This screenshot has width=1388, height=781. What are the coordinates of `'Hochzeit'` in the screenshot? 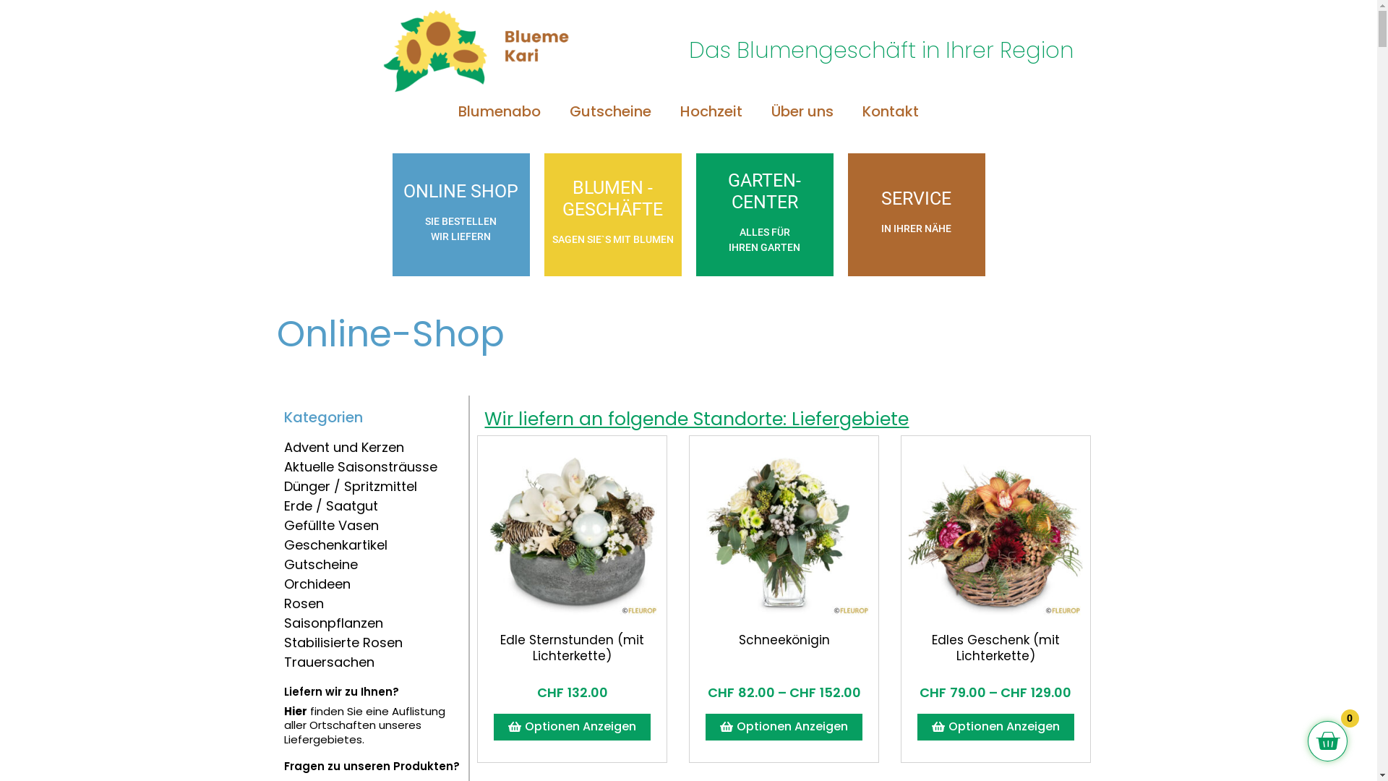 It's located at (711, 111).